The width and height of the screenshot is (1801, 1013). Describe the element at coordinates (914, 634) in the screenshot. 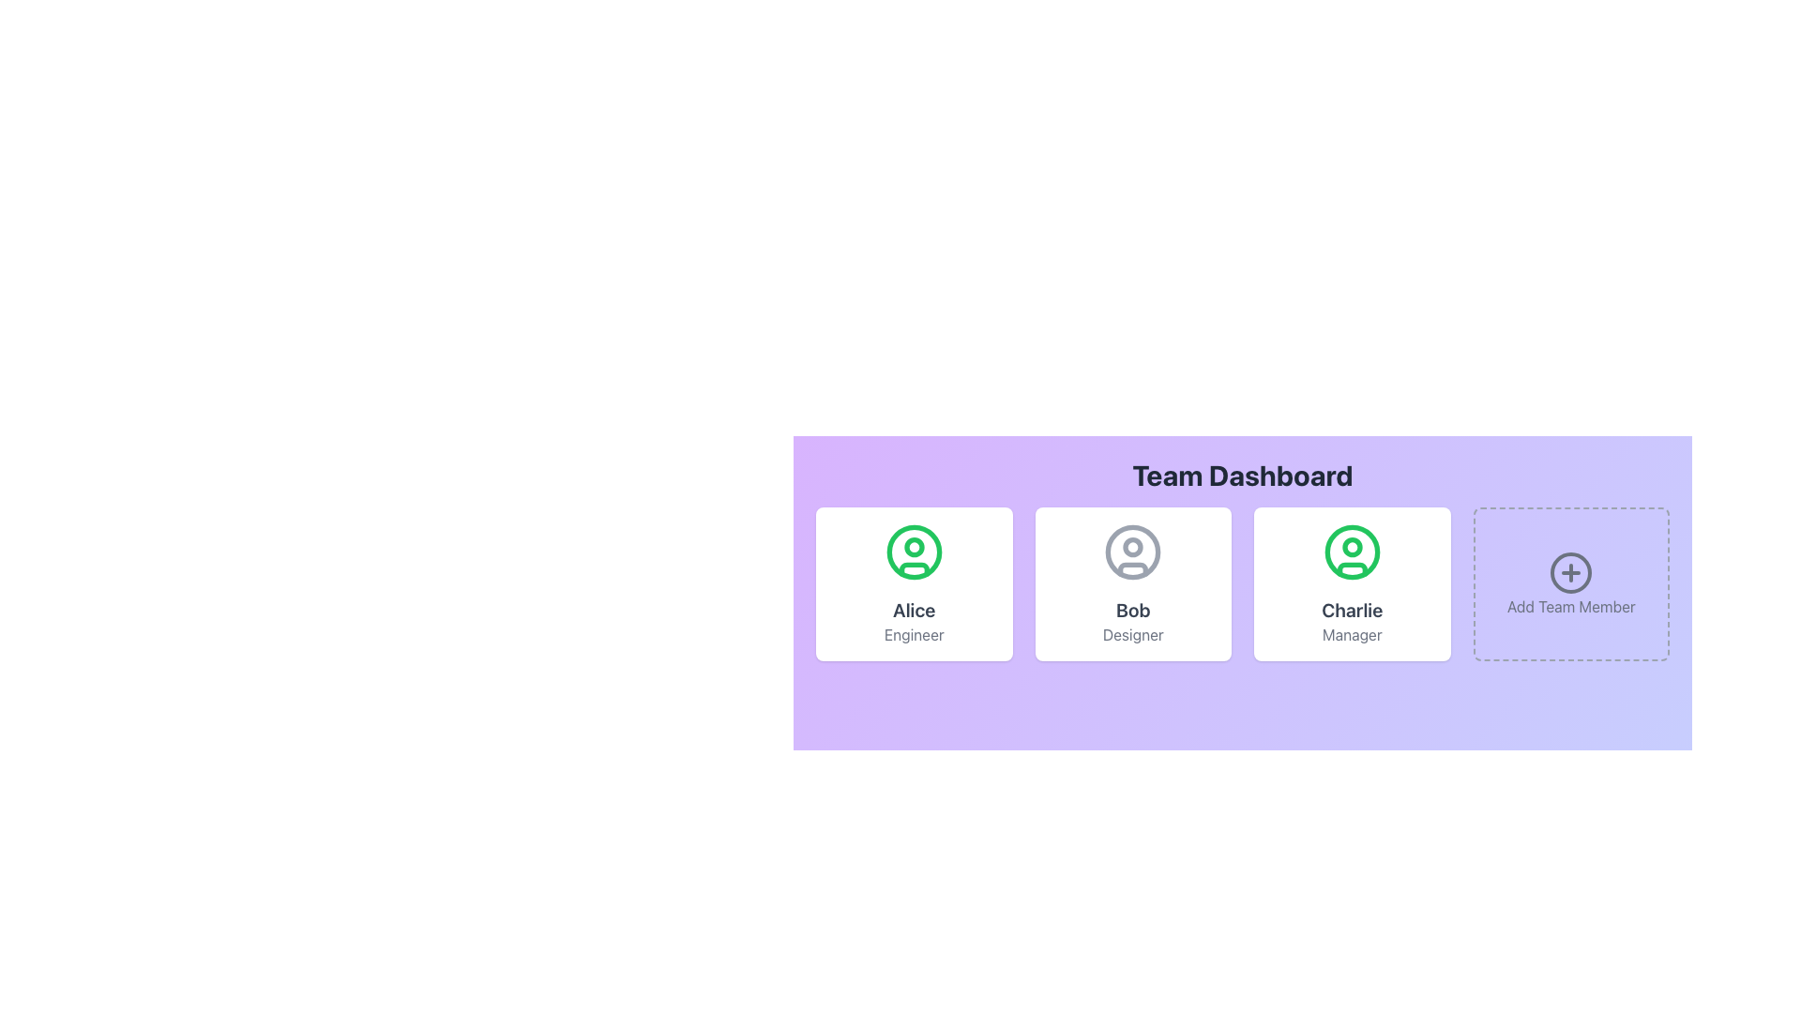

I see `the gray text label displaying 'Engineer' that is positioned below the bold 'Alice' text within a card-like structure` at that location.